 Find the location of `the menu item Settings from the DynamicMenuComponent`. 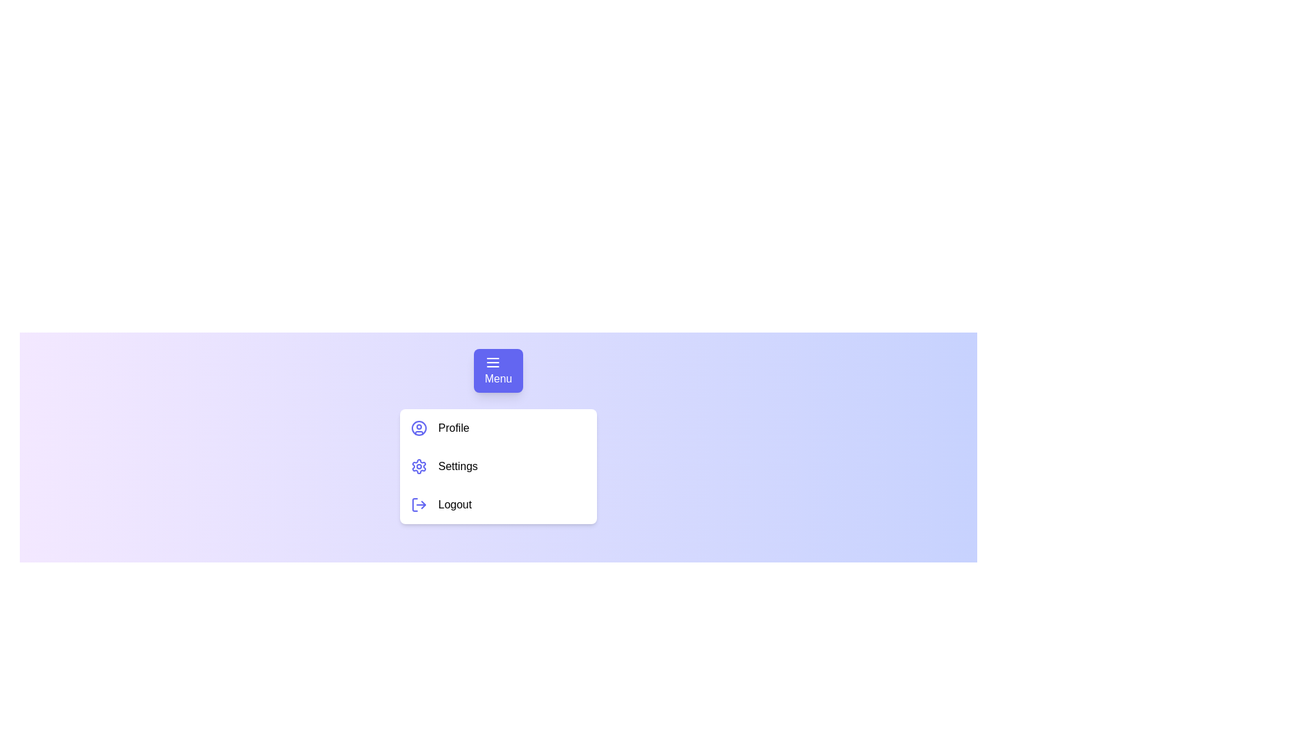

the menu item Settings from the DynamicMenuComponent is located at coordinates (498, 466).